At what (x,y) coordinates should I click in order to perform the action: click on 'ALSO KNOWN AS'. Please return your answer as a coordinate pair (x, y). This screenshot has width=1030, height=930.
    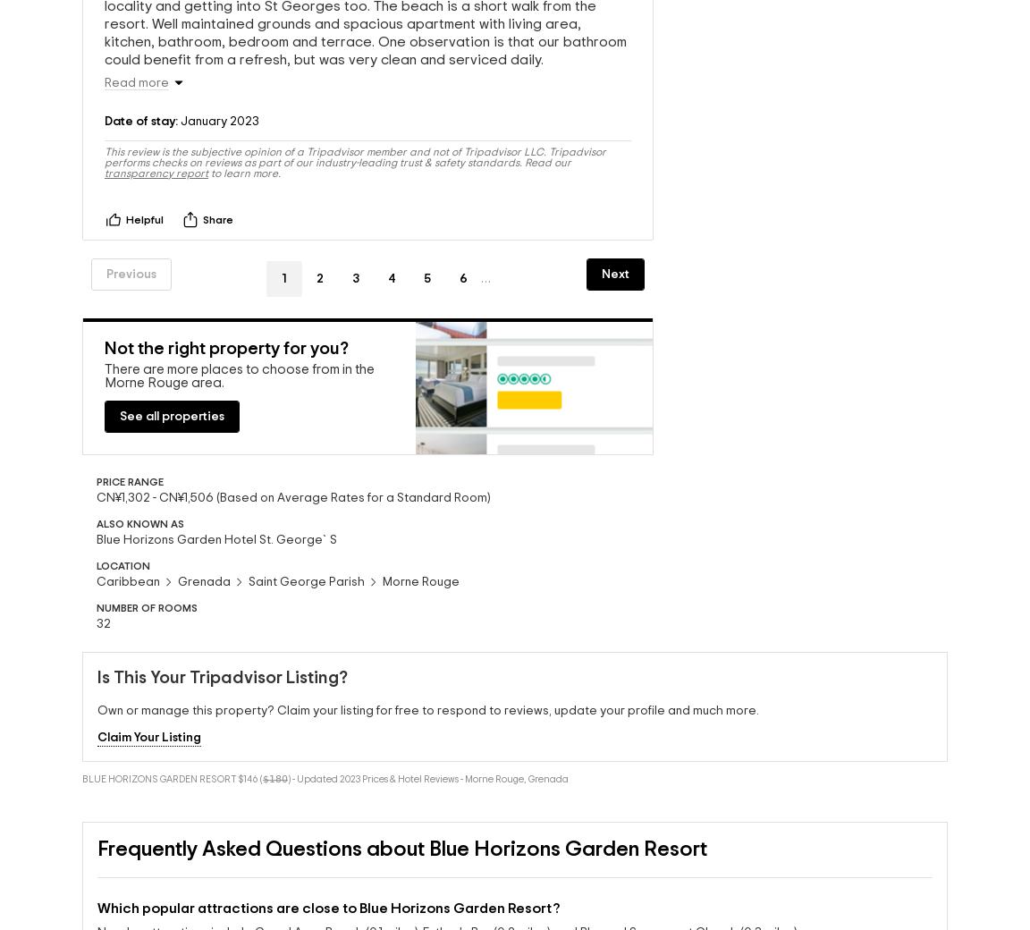
    Looking at the image, I should click on (140, 528).